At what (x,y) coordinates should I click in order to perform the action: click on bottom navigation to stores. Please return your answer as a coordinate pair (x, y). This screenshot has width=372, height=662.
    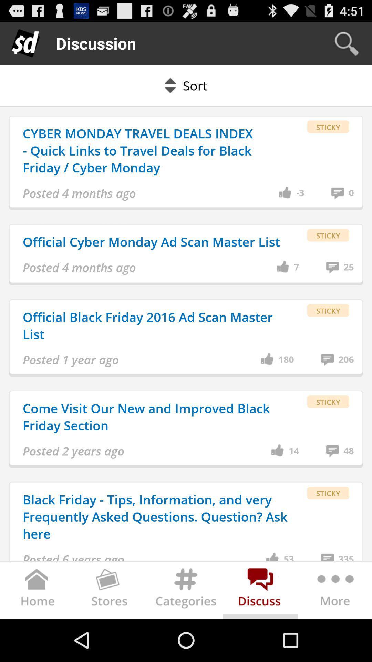
    Looking at the image, I should click on (111, 591).